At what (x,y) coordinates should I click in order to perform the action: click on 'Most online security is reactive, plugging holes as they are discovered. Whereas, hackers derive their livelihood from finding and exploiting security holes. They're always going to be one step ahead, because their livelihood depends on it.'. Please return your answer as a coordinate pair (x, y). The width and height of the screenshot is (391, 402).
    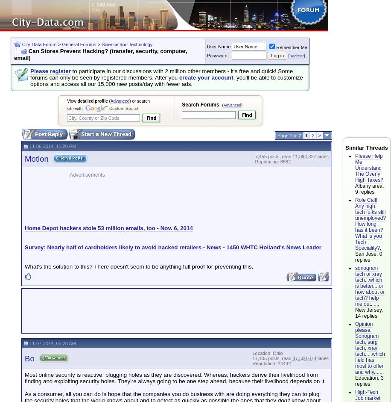
    Looking at the image, I should click on (175, 378).